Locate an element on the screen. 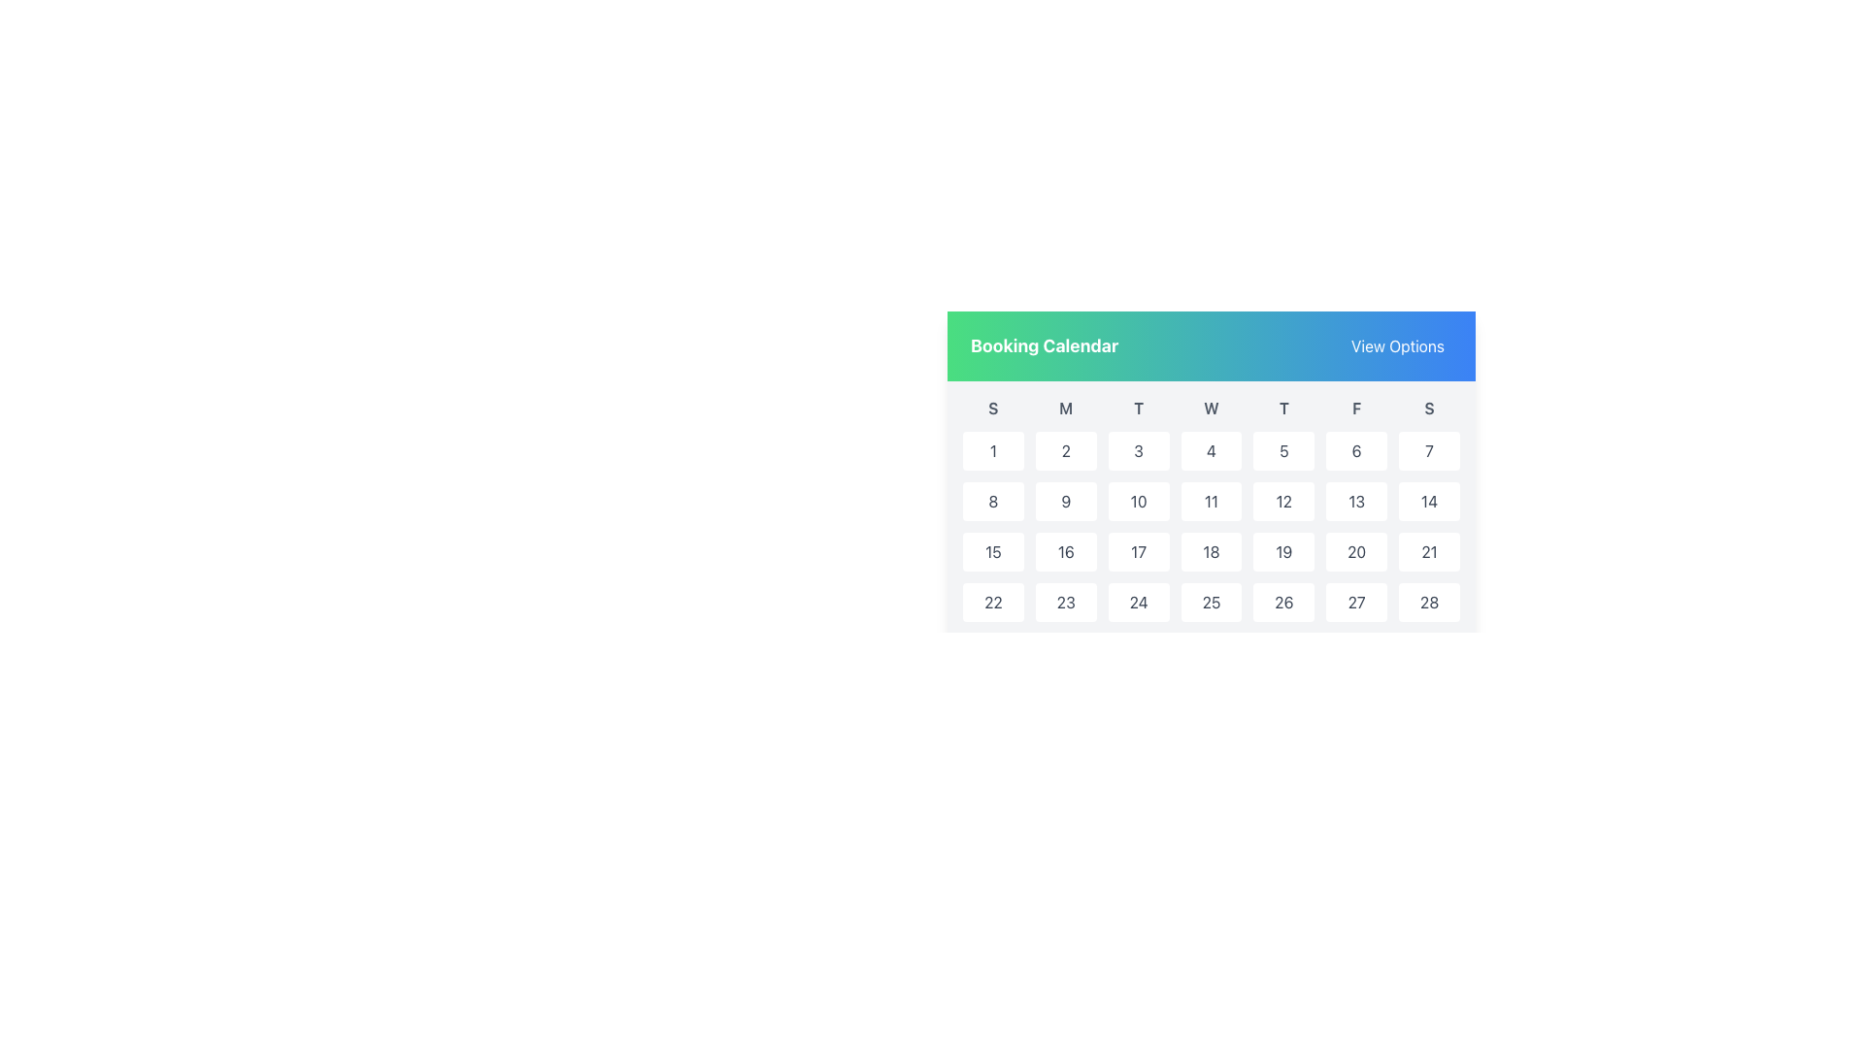  the calendar date button located in the third column of the second row under the 'T' header is located at coordinates (1139, 500).